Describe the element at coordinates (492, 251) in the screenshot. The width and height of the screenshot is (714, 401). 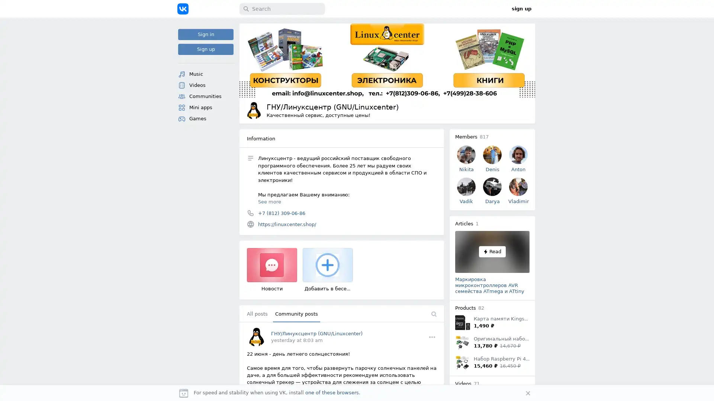
I see `Read` at that location.